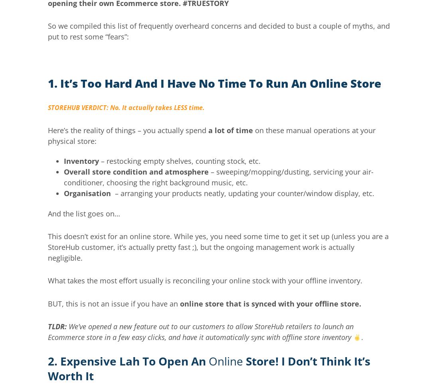 This screenshot has height=389, width=441. I want to click on 'TLDR:', so click(57, 326).